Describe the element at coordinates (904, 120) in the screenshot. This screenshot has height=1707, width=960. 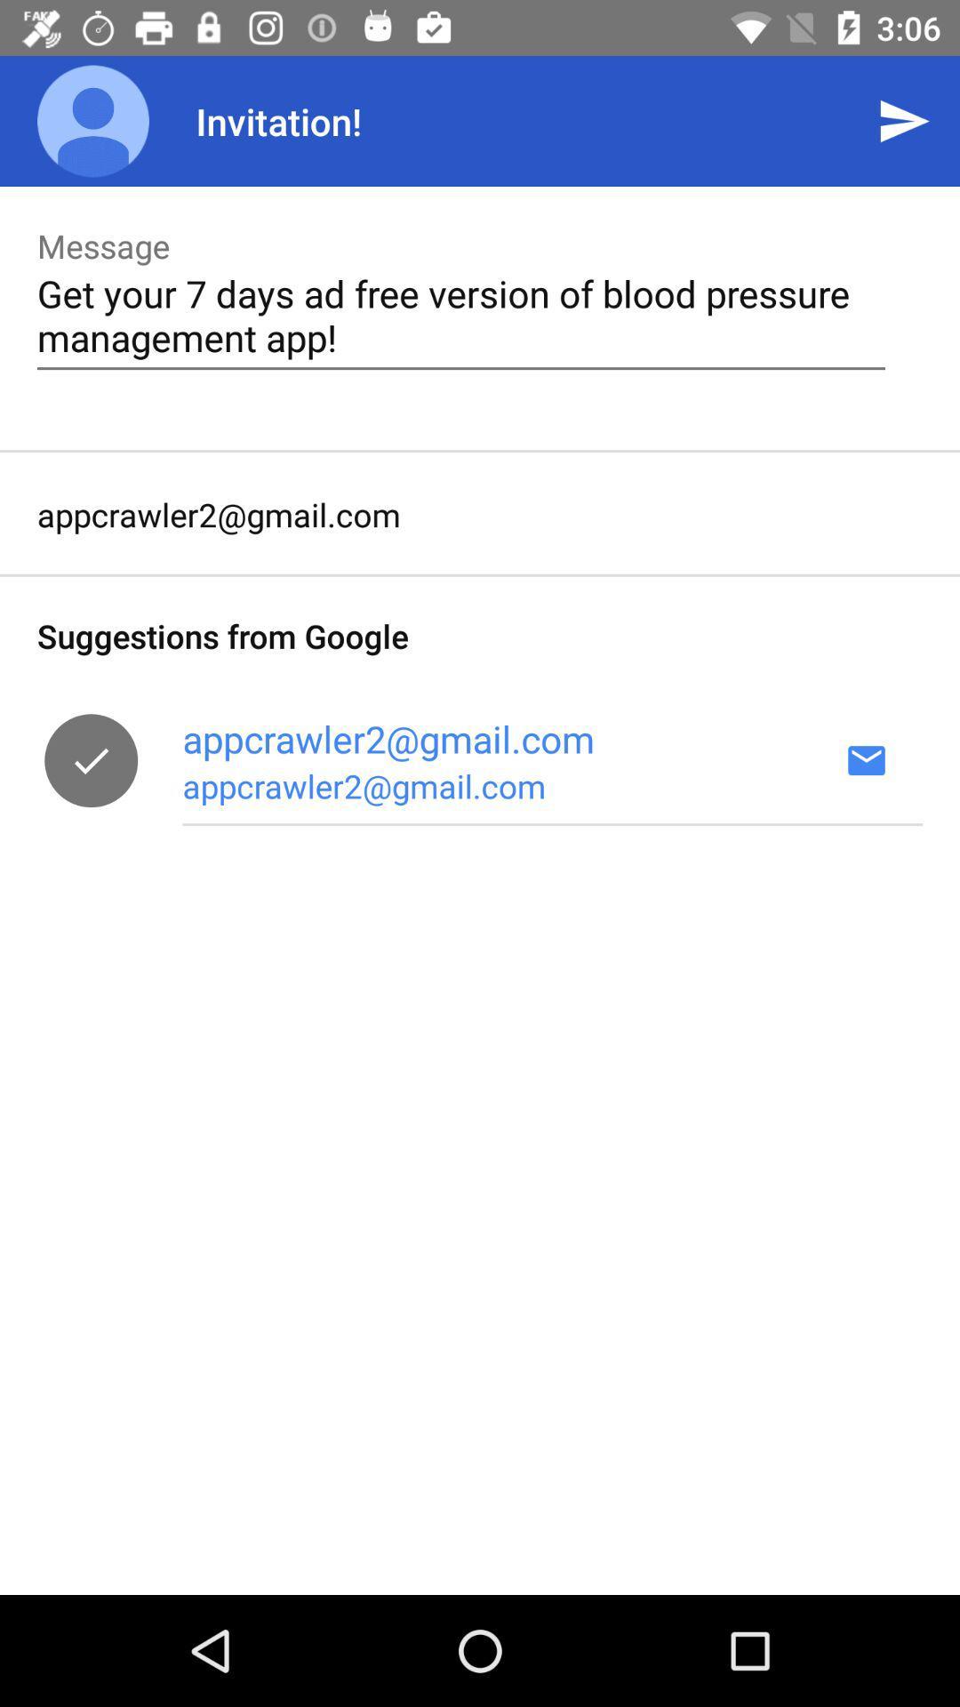
I see `item next to invitation! icon` at that location.